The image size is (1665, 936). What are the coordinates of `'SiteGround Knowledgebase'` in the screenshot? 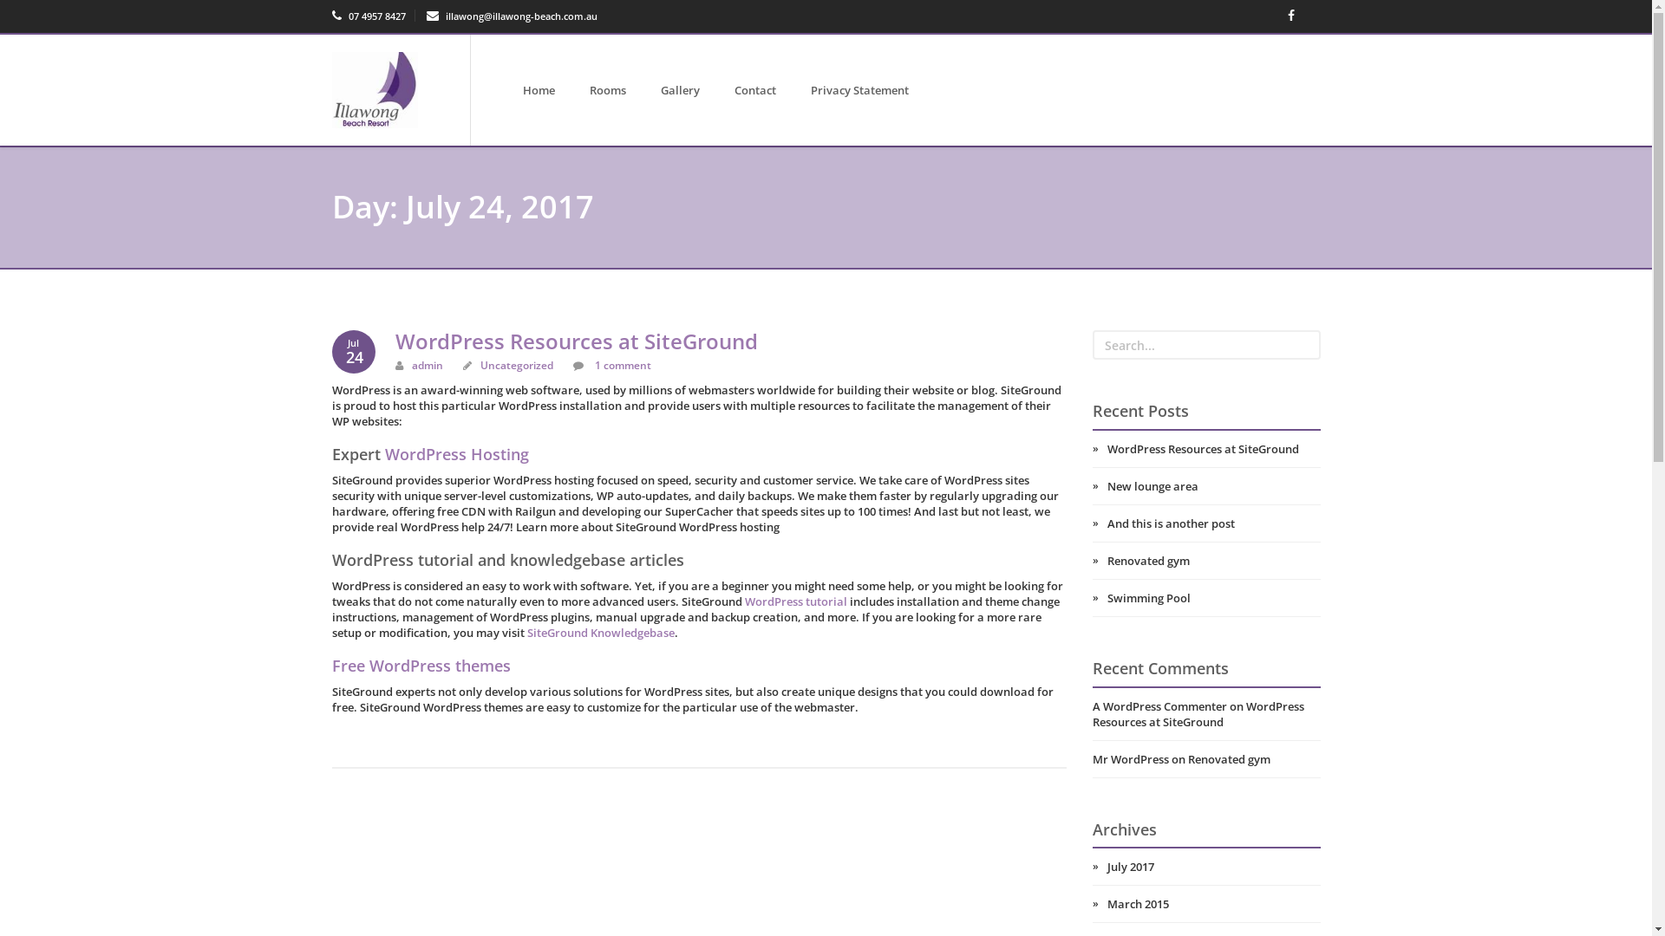 It's located at (526, 632).